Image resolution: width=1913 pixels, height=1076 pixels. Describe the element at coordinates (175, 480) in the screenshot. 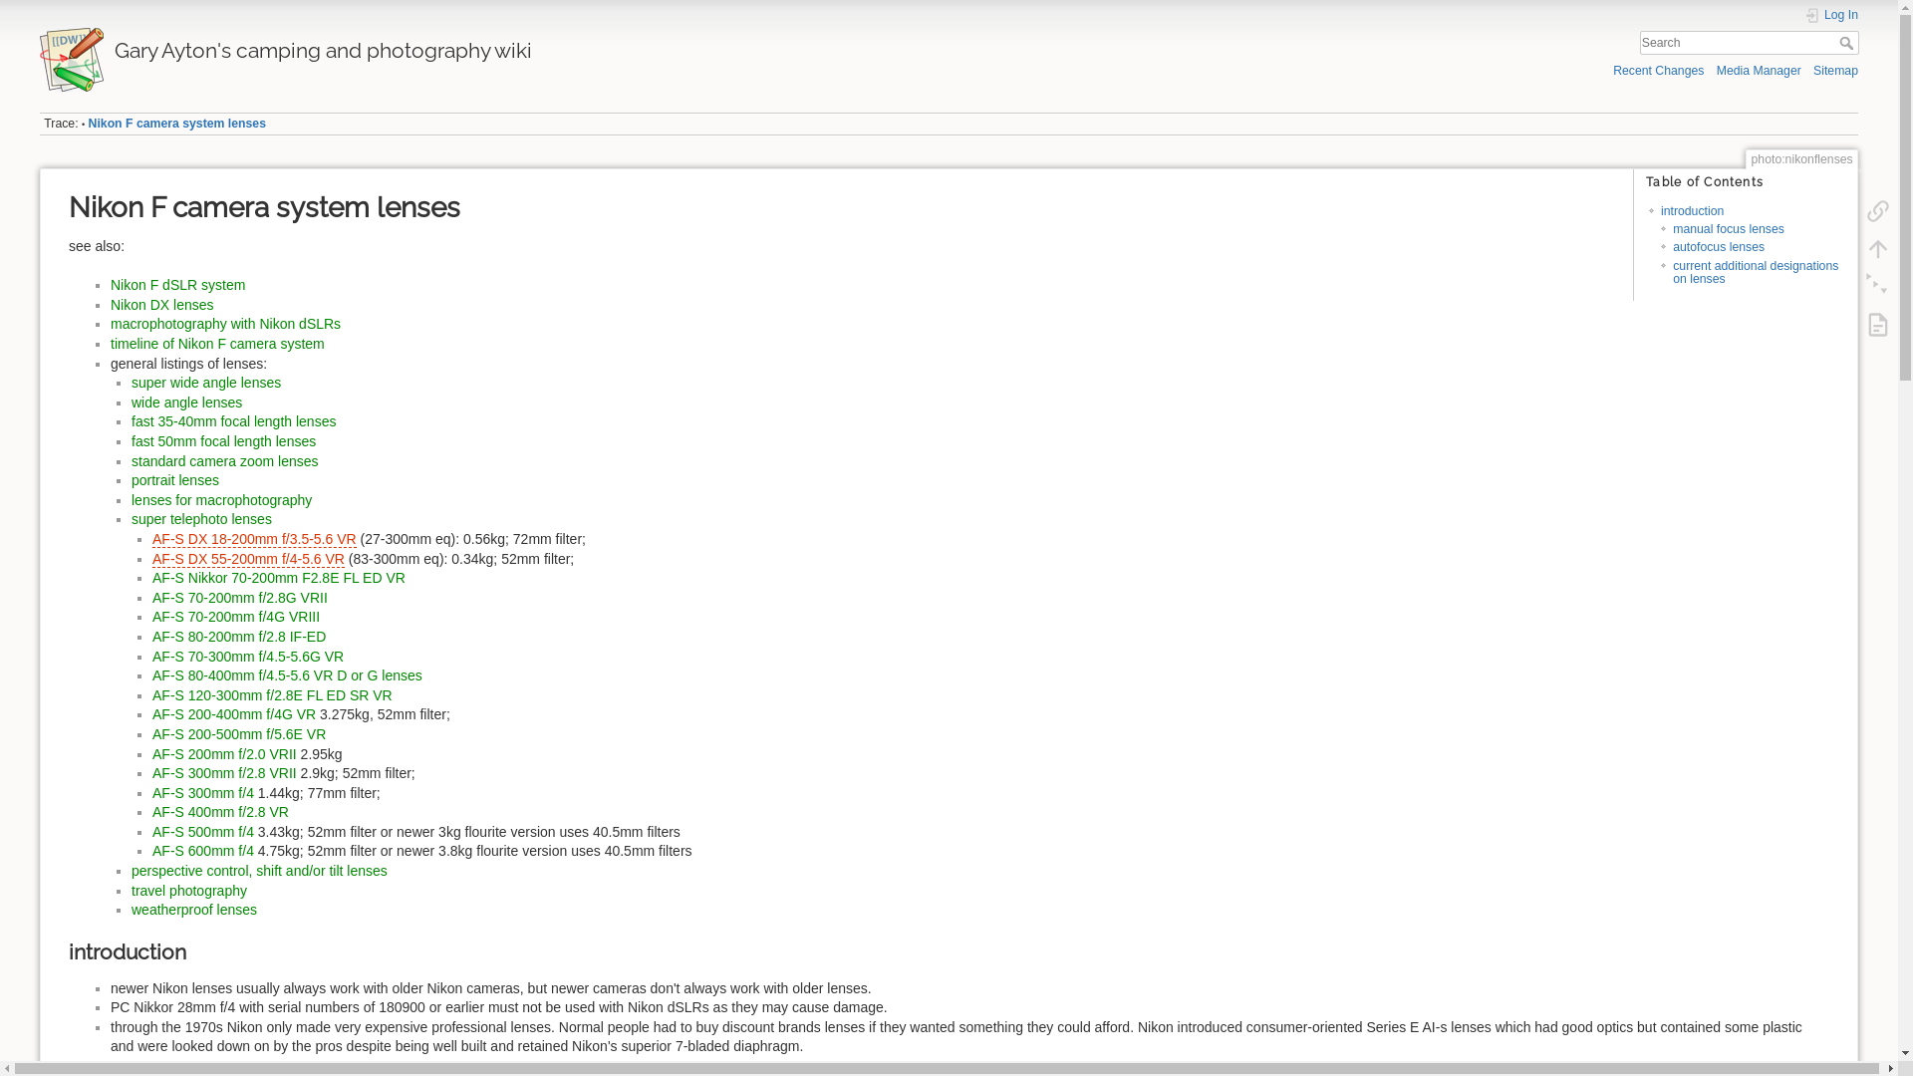

I see `'portrait lenses'` at that location.